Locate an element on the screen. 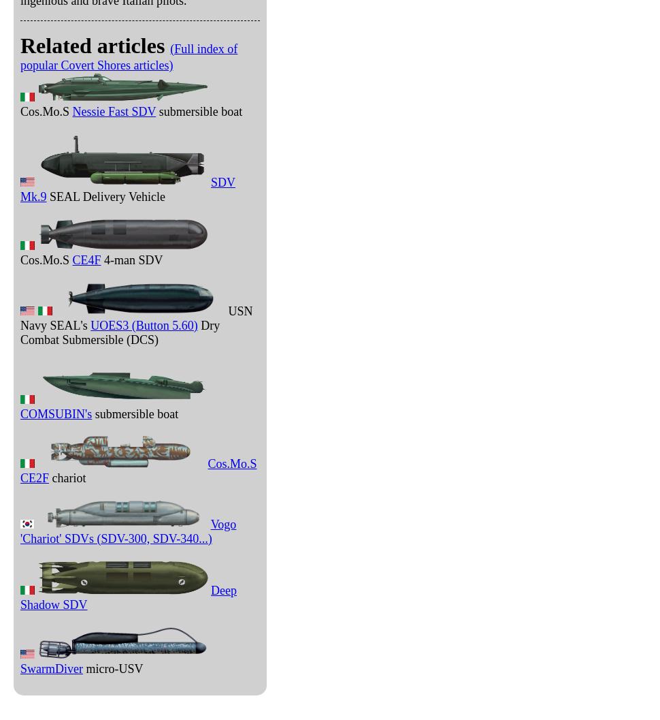 The height and width of the screenshot is (720, 660). 'Deep Shadow SDV' is located at coordinates (127, 596).